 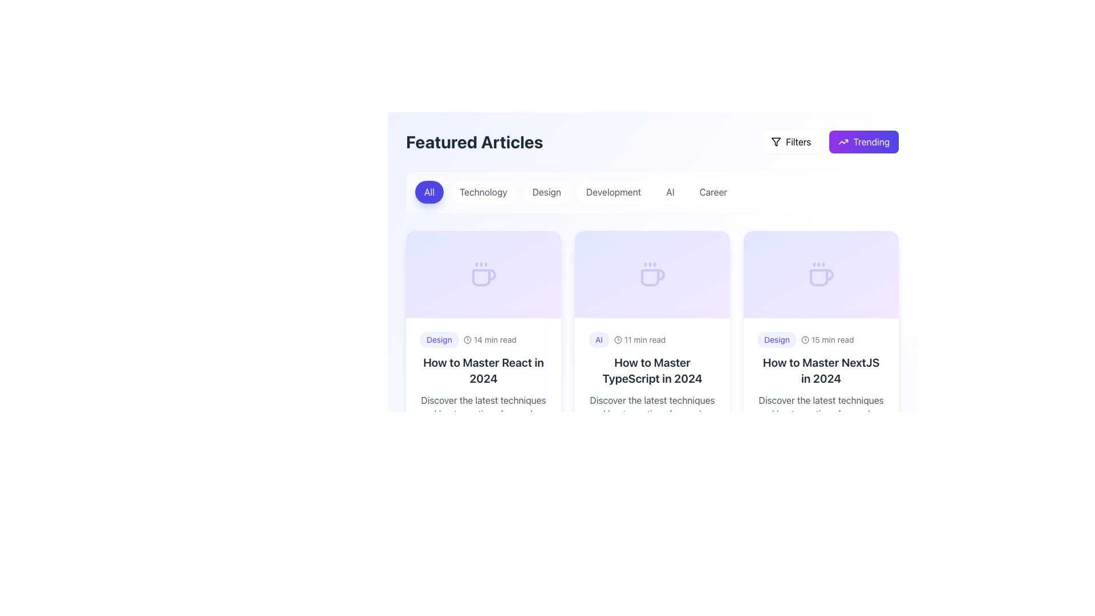 I want to click on the decorative icon positioned in the center of the top section of the card titled 'How to Master React in 2024', which visually represents a relaxed or creative topic, so click(x=484, y=274).